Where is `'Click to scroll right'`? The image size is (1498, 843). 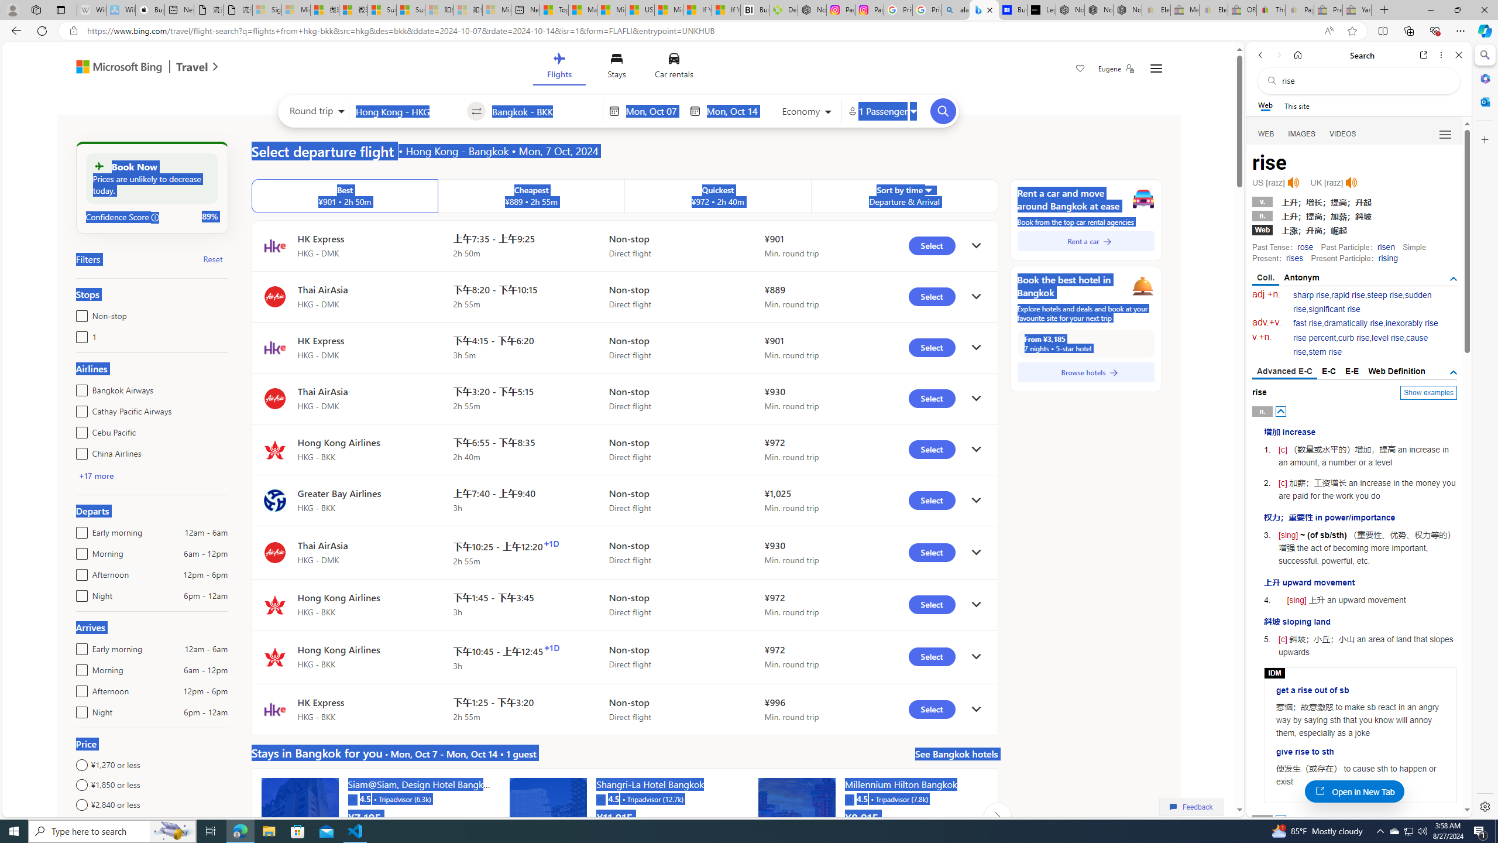 'Click to scroll right' is located at coordinates (997, 815).